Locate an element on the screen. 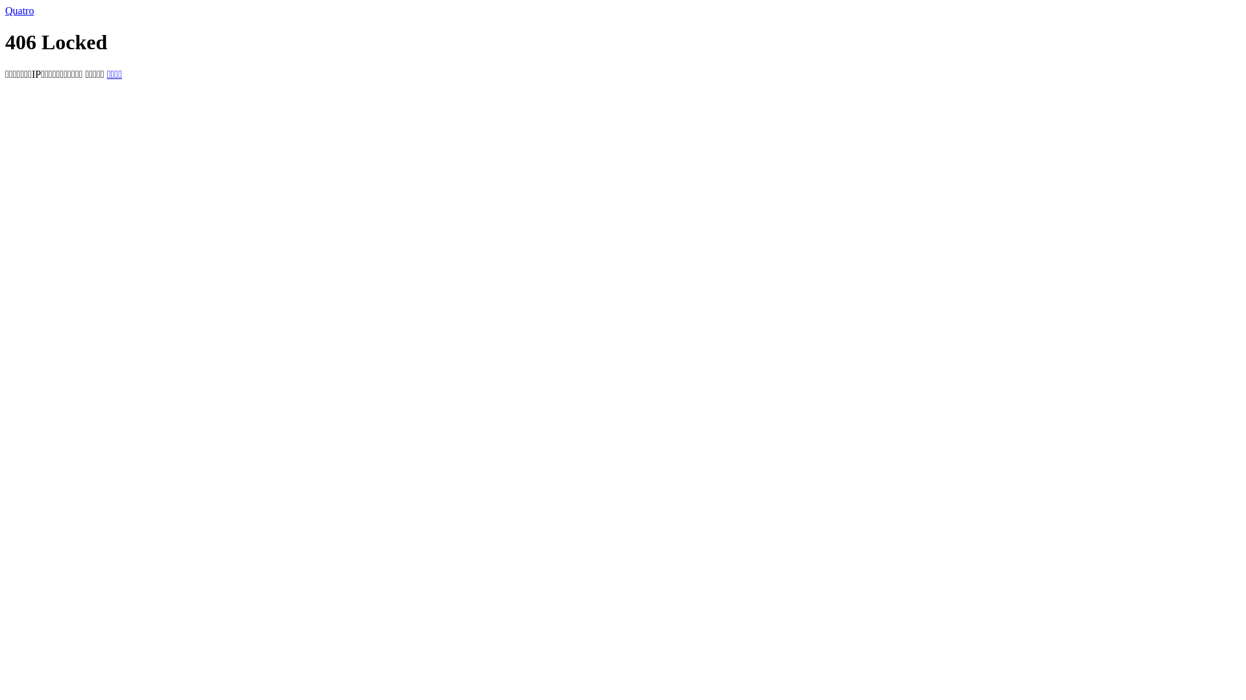 The image size is (1246, 700). 'Quatro' is located at coordinates (5, 10).